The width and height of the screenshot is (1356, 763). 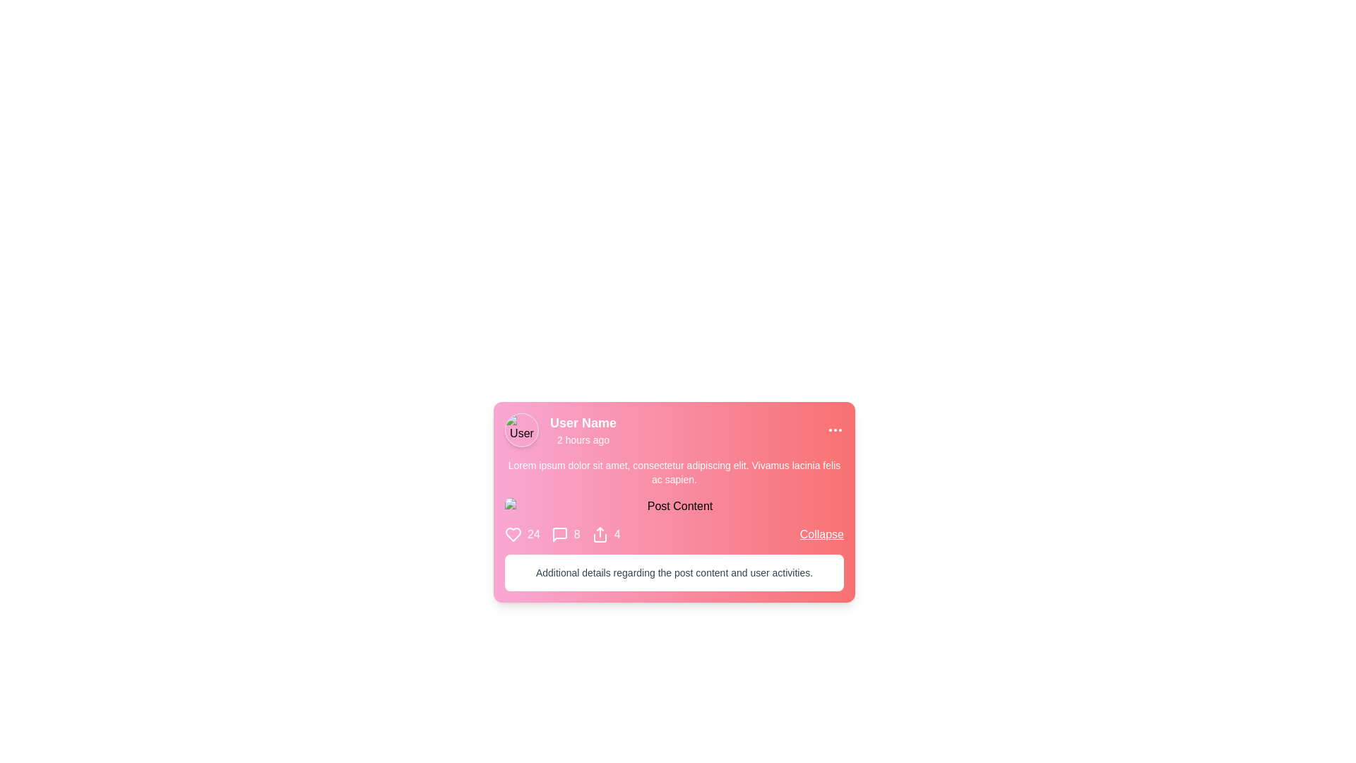 What do you see at coordinates (821, 534) in the screenshot?
I see `the 'Collapse' text-based button, which is styled white and underlined, located at the bottom right corner of a red gradient card` at bounding box center [821, 534].